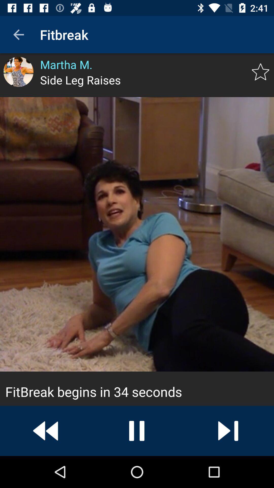 This screenshot has width=274, height=488. Describe the element at coordinates (261, 72) in the screenshot. I see `the star icon` at that location.